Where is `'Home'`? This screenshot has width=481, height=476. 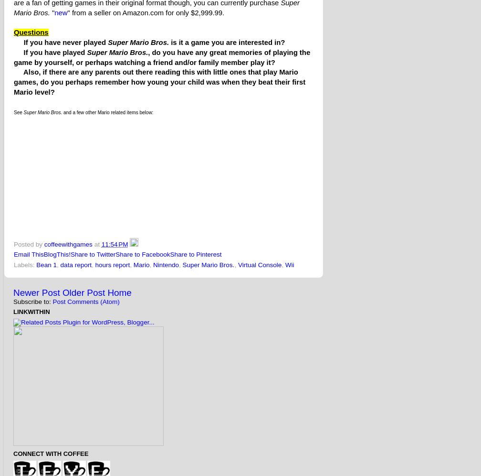 'Home' is located at coordinates (119, 292).